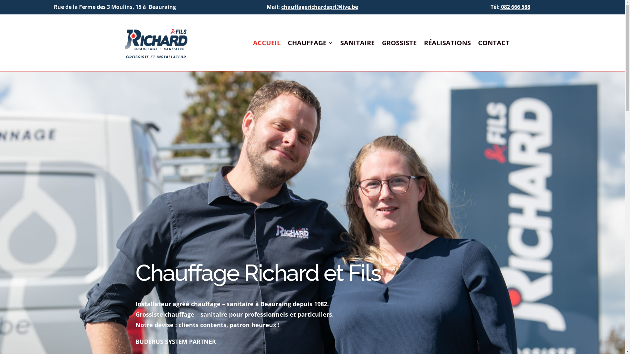  Describe the element at coordinates (266, 44) in the screenshot. I see `'ACCUEIL'` at that location.